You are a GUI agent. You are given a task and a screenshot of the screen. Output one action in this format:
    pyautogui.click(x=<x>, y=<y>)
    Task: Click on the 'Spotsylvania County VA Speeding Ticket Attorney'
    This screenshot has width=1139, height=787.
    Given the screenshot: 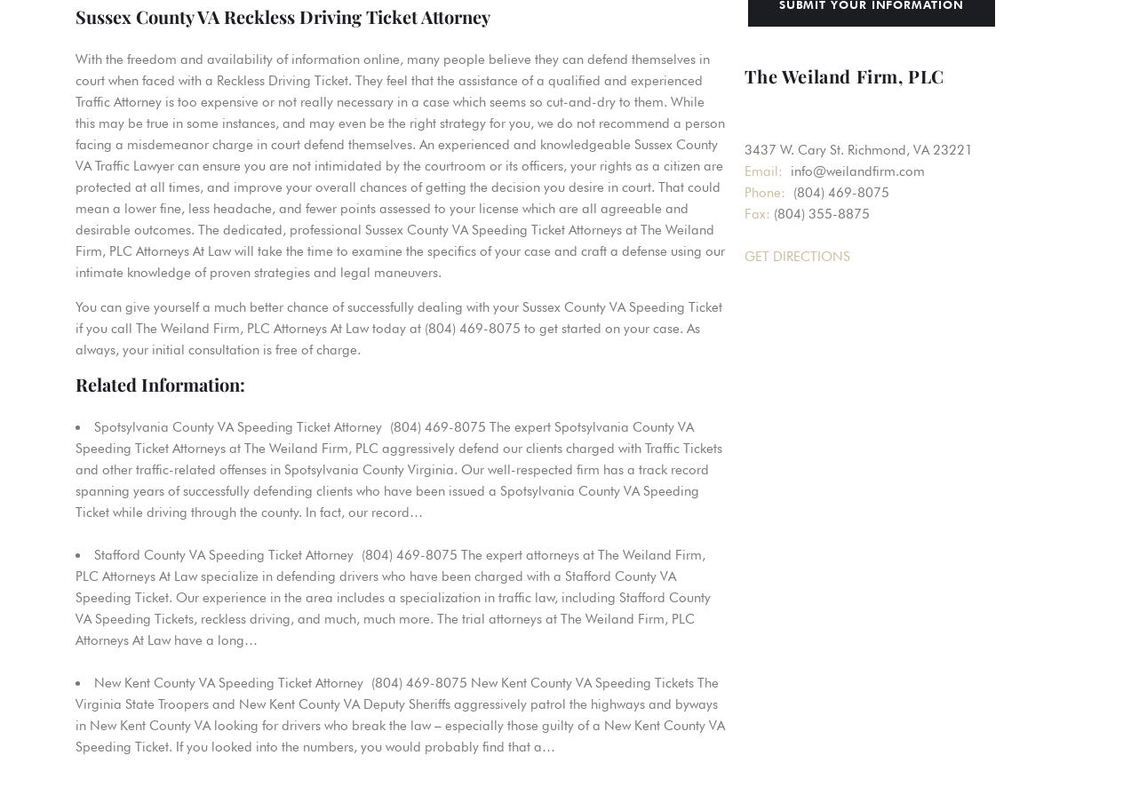 What is the action you would take?
    pyautogui.click(x=237, y=427)
    